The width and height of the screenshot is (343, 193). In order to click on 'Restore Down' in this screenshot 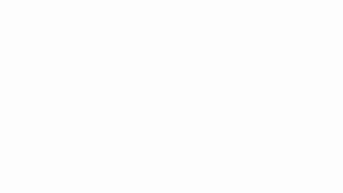, I will do `click(324, 4)`.